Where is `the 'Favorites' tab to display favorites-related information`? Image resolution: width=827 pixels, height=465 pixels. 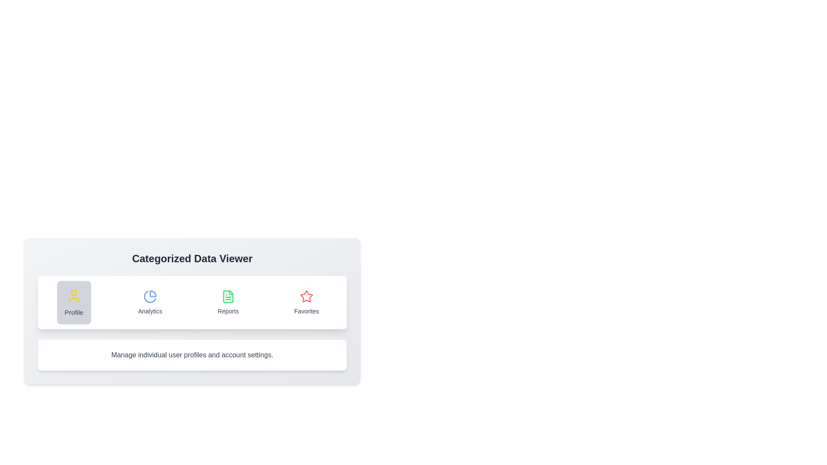 the 'Favorites' tab to display favorites-related information is located at coordinates (306, 302).